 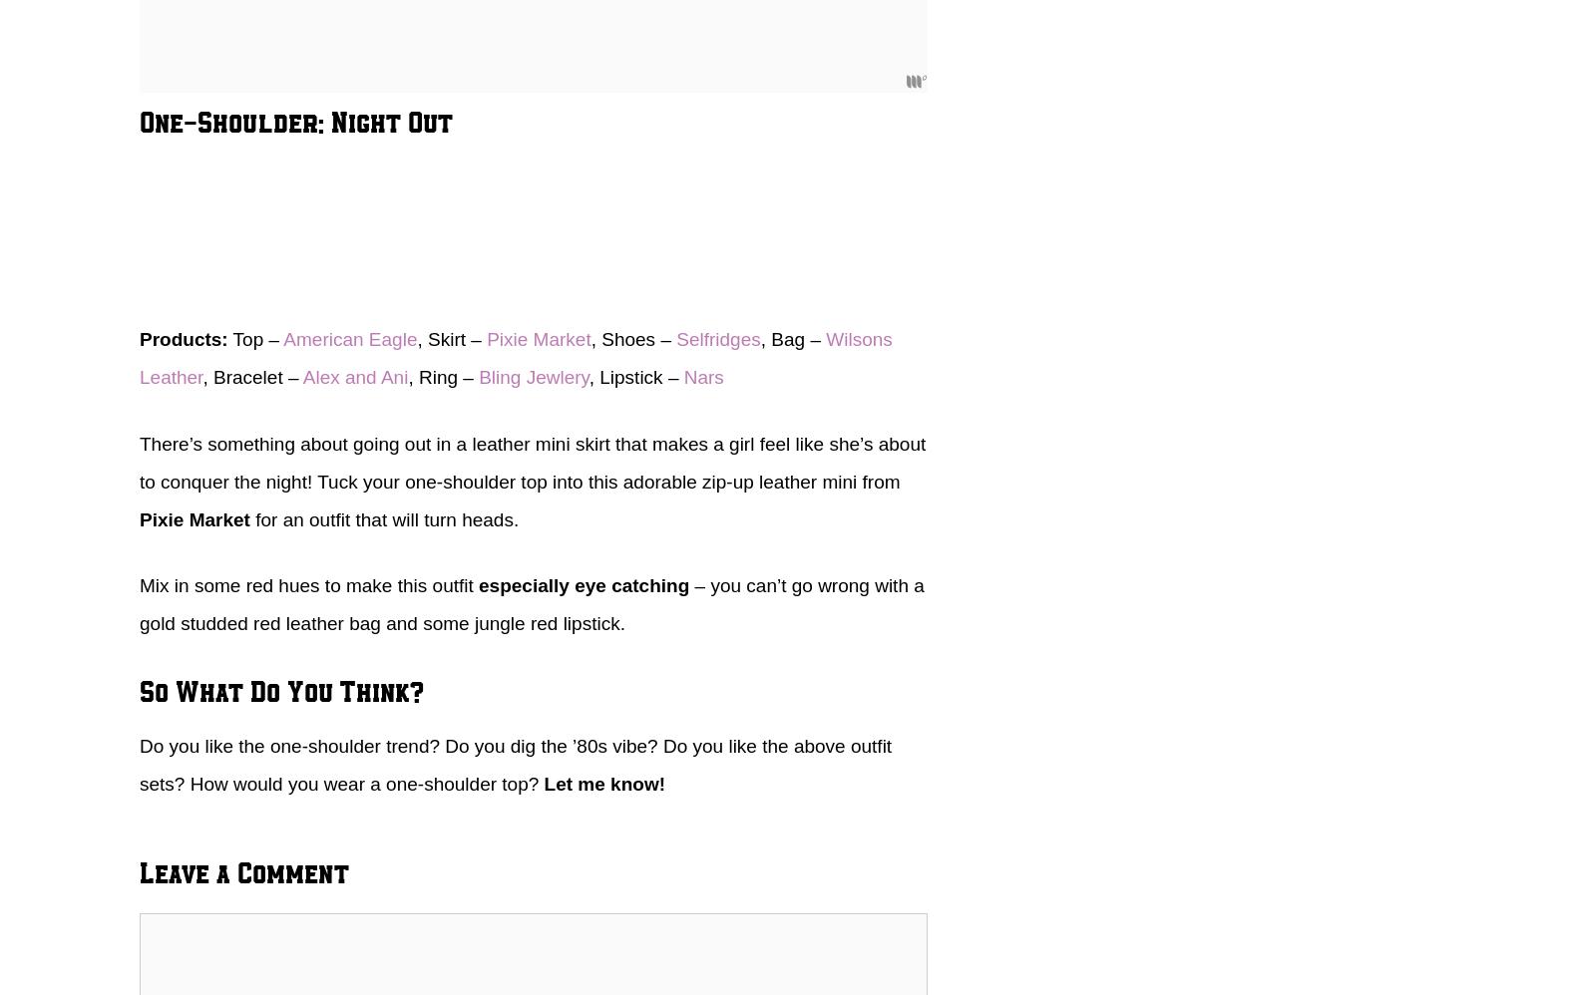 I want to click on 'for an outfit that will turn heads.', so click(x=383, y=518).